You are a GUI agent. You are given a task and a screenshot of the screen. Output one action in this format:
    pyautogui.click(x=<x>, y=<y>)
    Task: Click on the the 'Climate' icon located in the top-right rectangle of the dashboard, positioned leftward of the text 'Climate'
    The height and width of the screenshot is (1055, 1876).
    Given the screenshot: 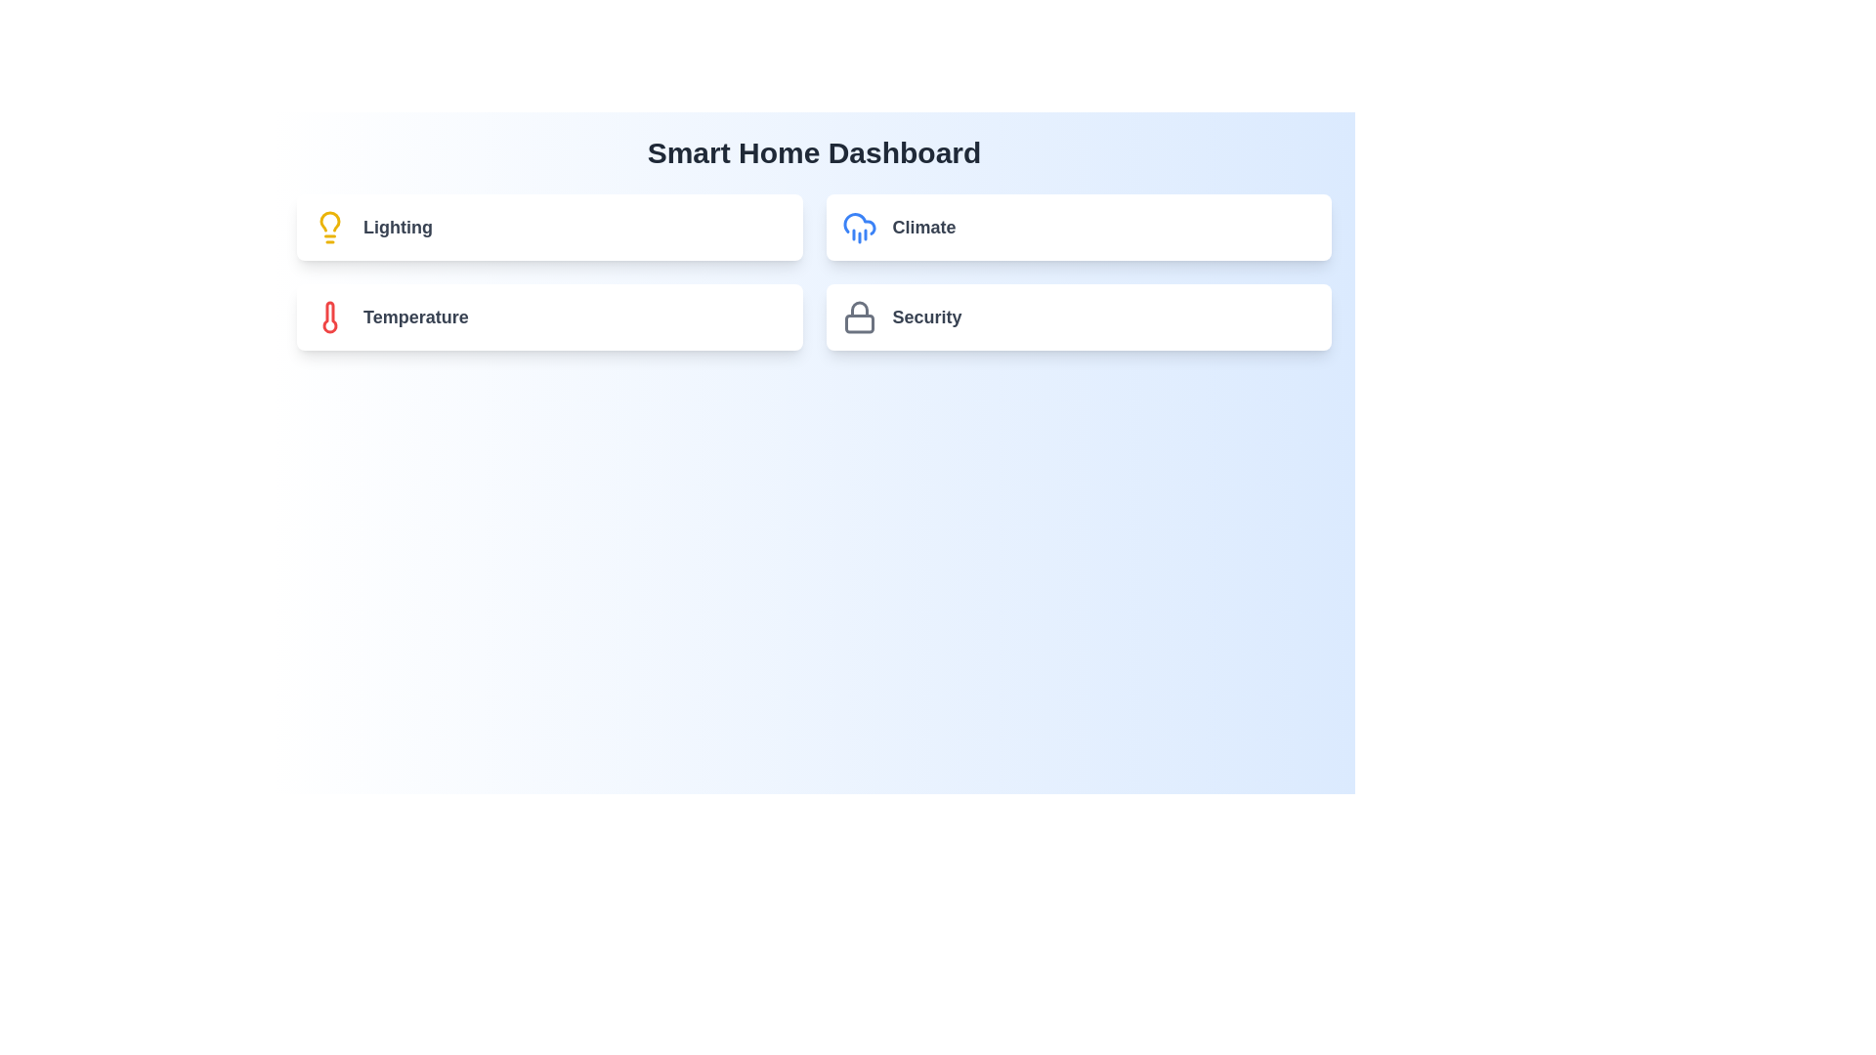 What is the action you would take?
    pyautogui.click(x=859, y=226)
    